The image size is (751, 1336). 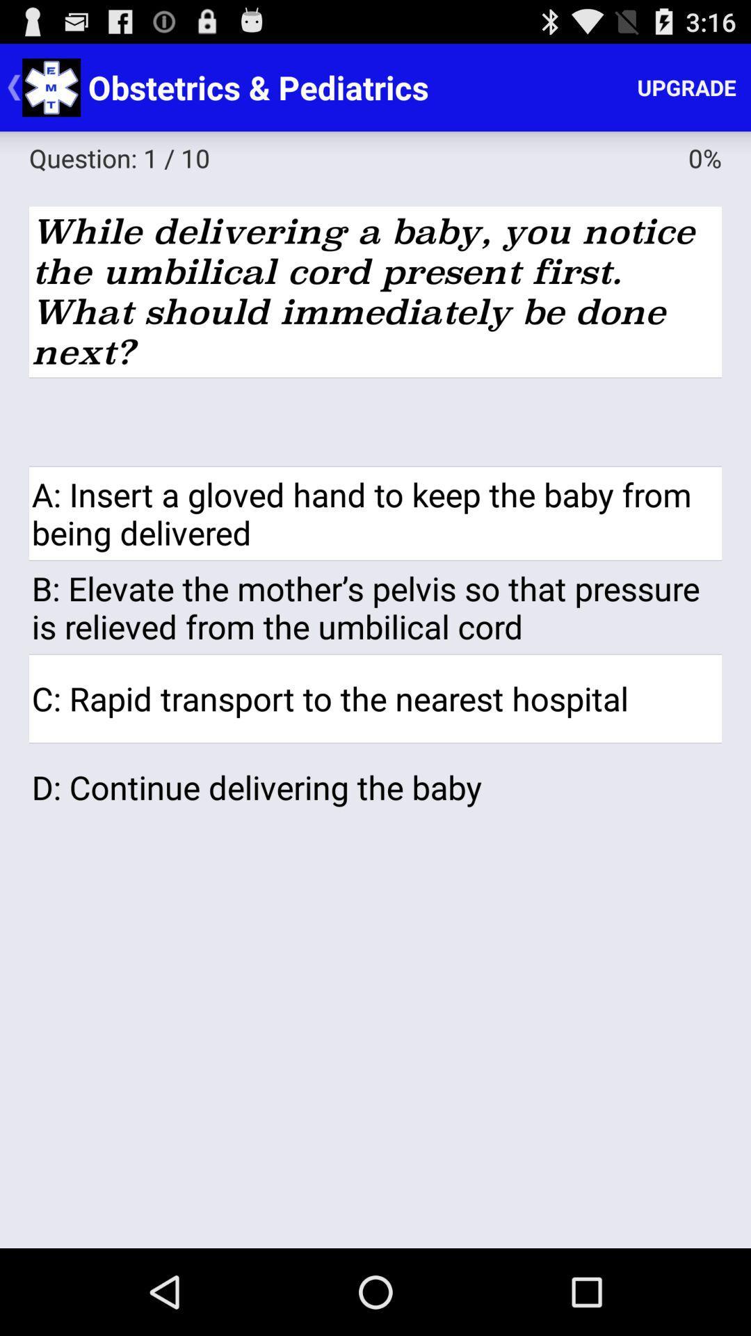 What do you see at coordinates (375, 291) in the screenshot?
I see `the while delivering a` at bounding box center [375, 291].